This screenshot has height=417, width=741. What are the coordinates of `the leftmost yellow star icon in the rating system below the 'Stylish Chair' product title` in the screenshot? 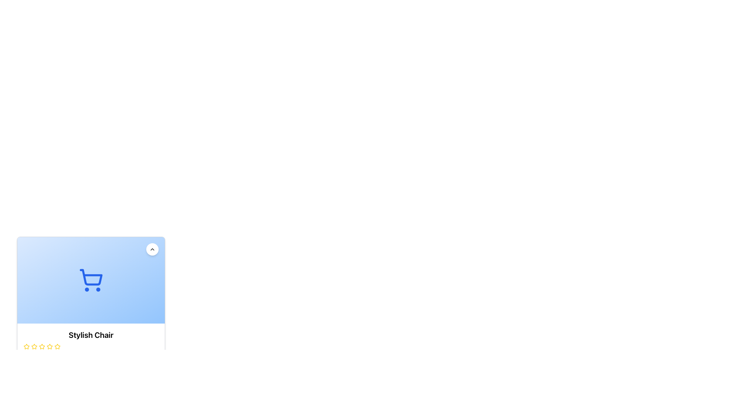 It's located at (26, 346).